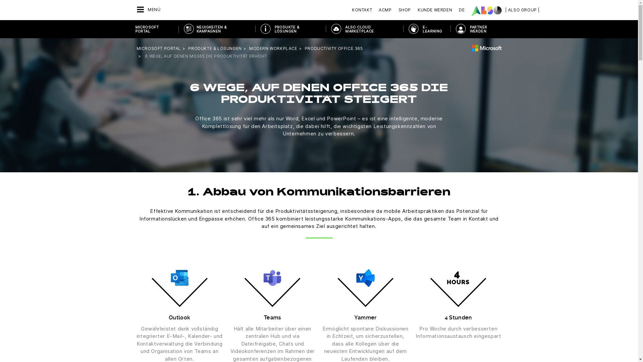  I want to click on 'KONTAKT', so click(352, 10).